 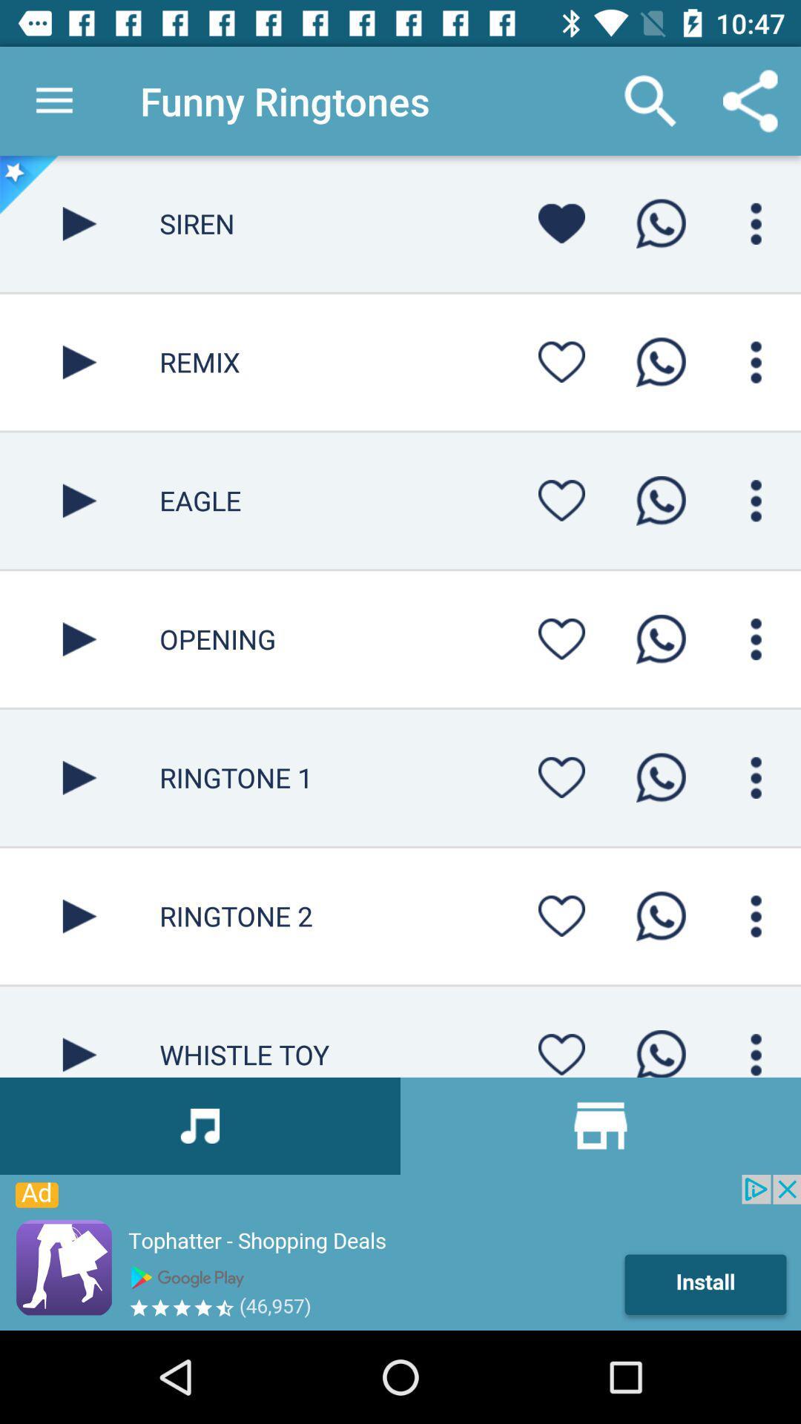 I want to click on favorites it, so click(x=561, y=777).